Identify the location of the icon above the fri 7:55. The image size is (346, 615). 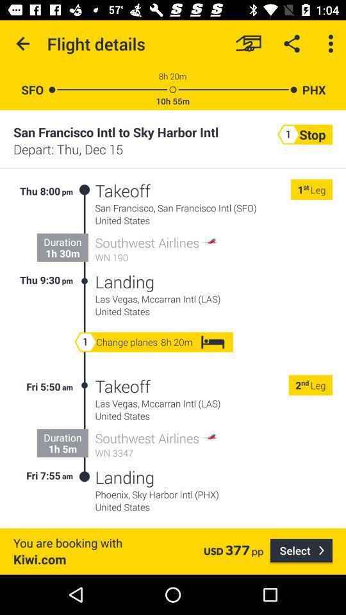
(62, 448).